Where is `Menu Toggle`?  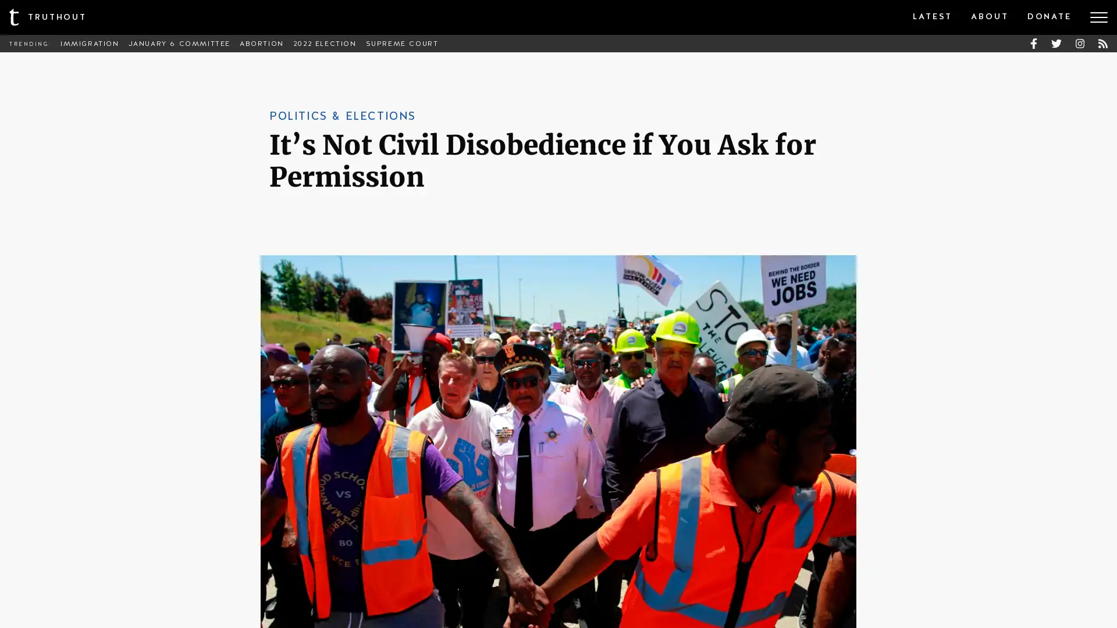 Menu Toggle is located at coordinates (1098, 17).